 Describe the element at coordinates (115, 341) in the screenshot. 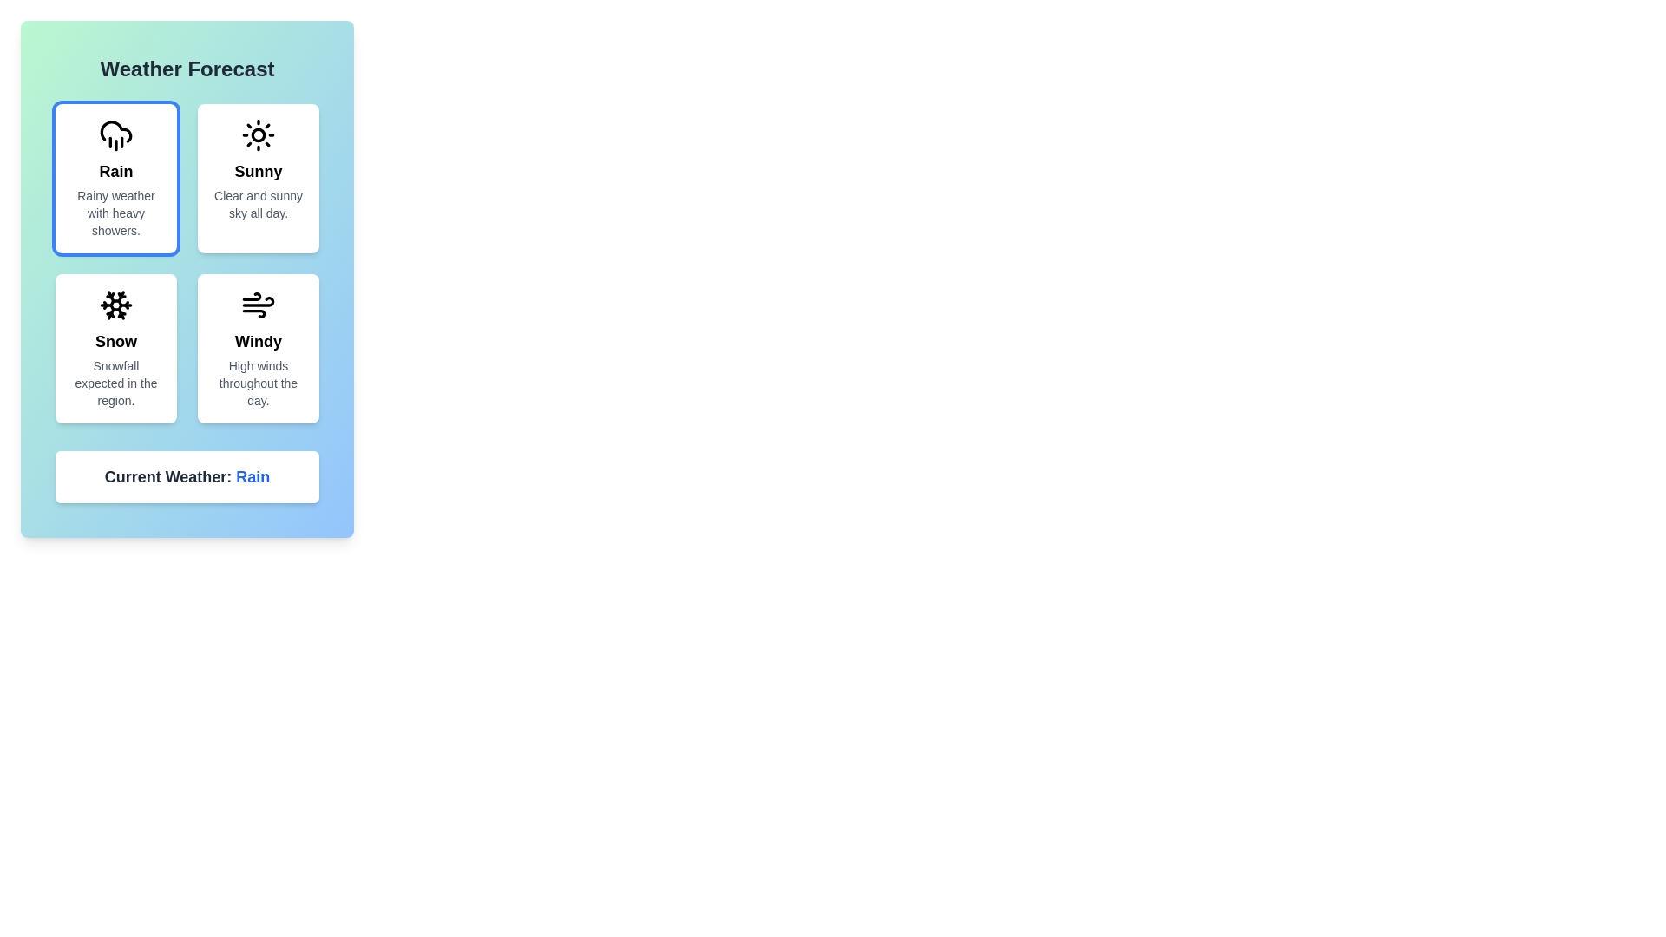

I see `the text label styled in bold font that contains the word 'Snow', located in the lower left quadrant of the 'Weather Forecast' card grid` at that location.